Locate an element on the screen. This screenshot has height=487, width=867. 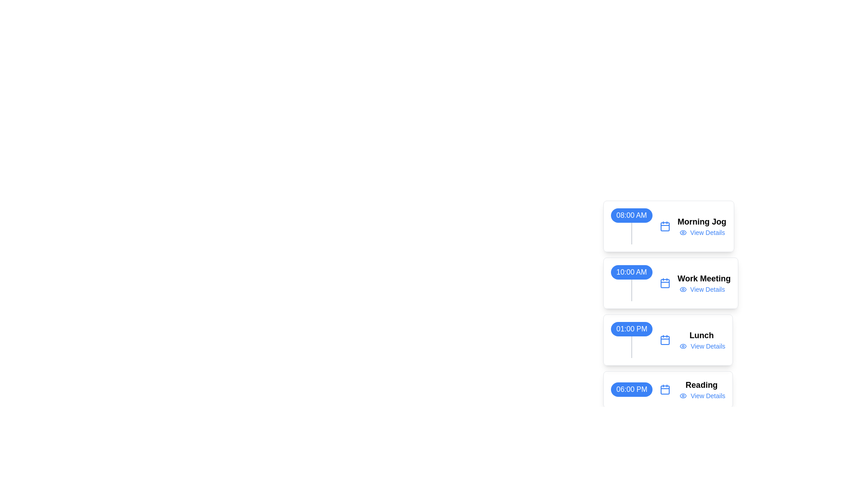
the 'View Details' link in the timeline event block titled 'Work Meeting', located in the second row under '10:00 AM' is located at coordinates (695, 283).